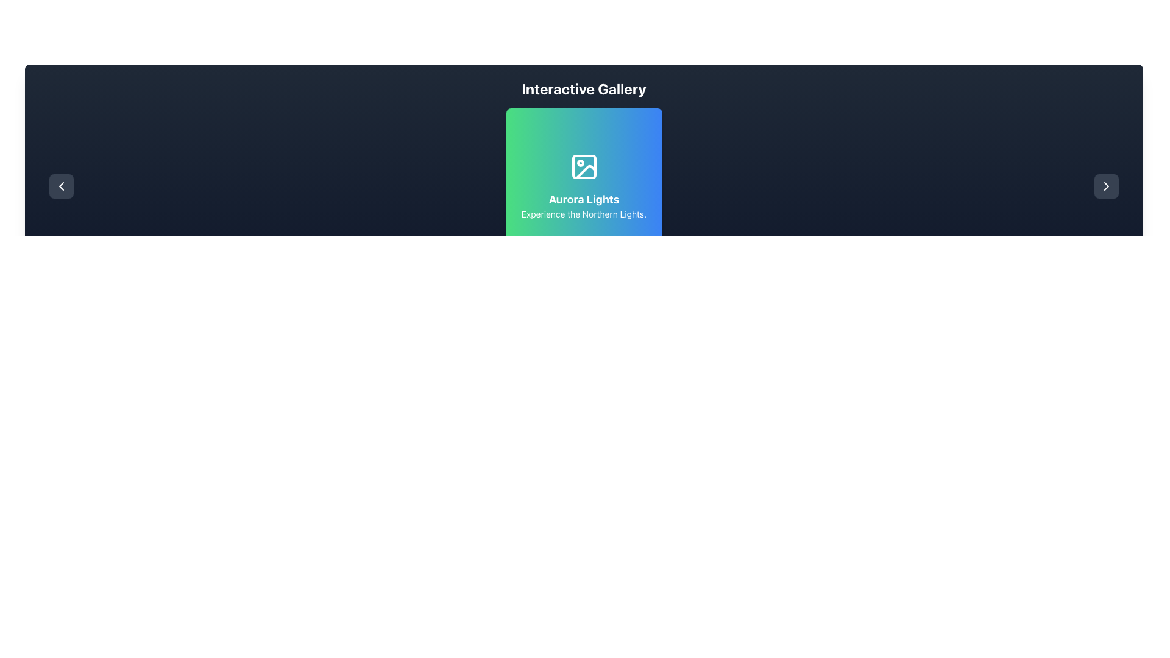 The image size is (1170, 658). I want to click on the button with a dark rounded background and a rightwards arrow icon, so click(1106, 186).